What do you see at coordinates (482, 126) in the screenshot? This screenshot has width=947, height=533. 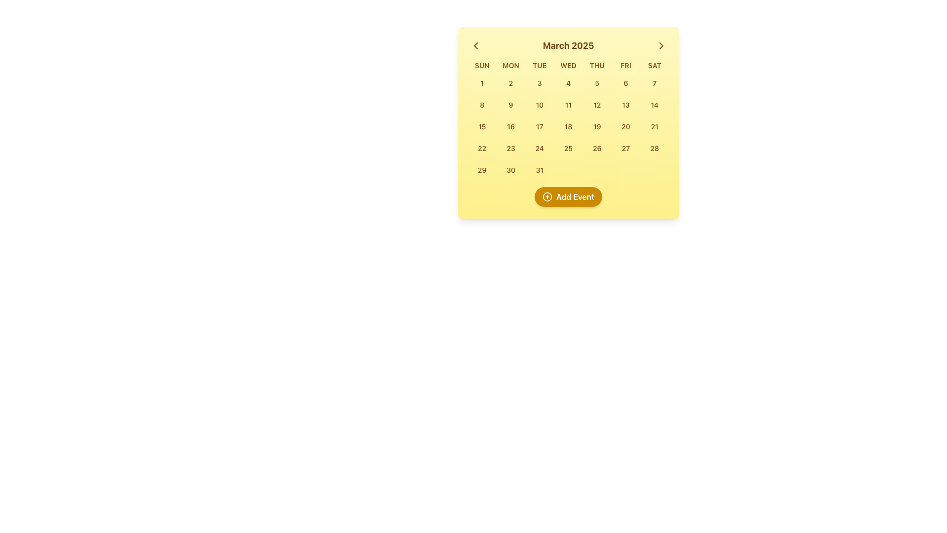 I see `the interactive calendar cell displaying the date '15' for March 2025, styled in bold dark yellow on a yellow background` at bounding box center [482, 126].